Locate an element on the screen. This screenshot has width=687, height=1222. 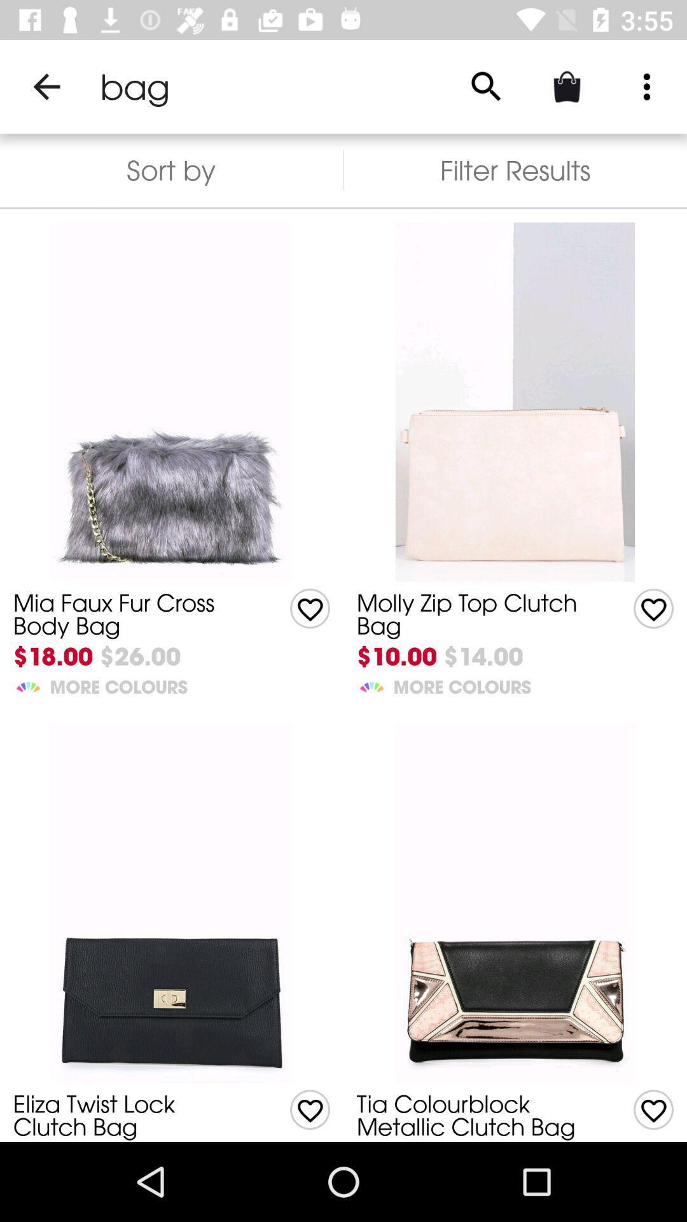
the icon above the $10.00 icon is located at coordinates (475, 614).